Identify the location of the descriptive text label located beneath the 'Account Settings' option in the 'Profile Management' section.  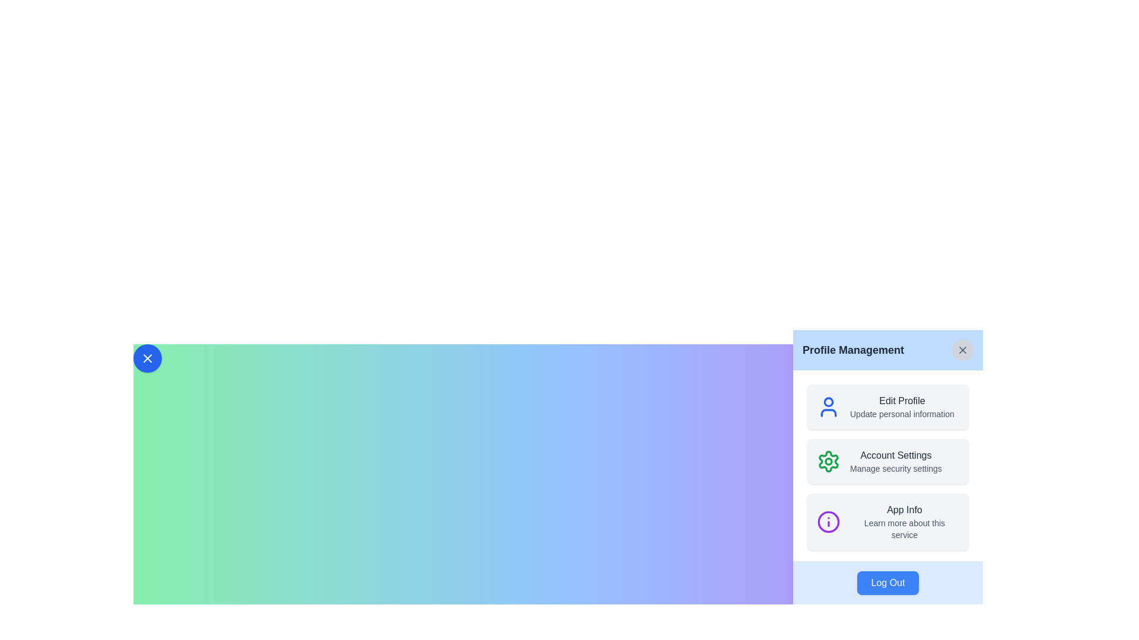
(896, 468).